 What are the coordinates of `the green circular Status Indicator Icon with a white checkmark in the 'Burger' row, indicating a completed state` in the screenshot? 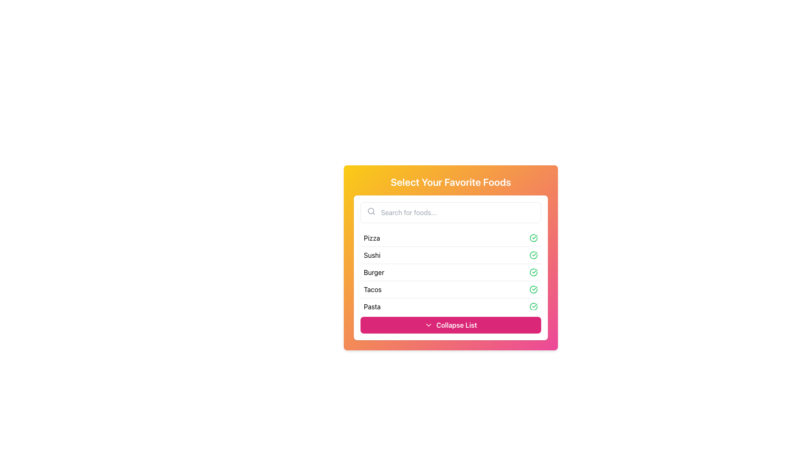 It's located at (533, 272).